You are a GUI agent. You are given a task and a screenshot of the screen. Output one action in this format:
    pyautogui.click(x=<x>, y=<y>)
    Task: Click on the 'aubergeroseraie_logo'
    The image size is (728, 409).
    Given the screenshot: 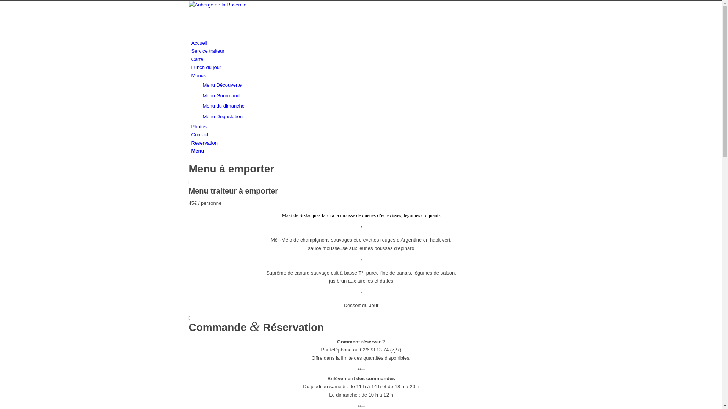 What is the action you would take?
    pyautogui.click(x=189, y=5)
    